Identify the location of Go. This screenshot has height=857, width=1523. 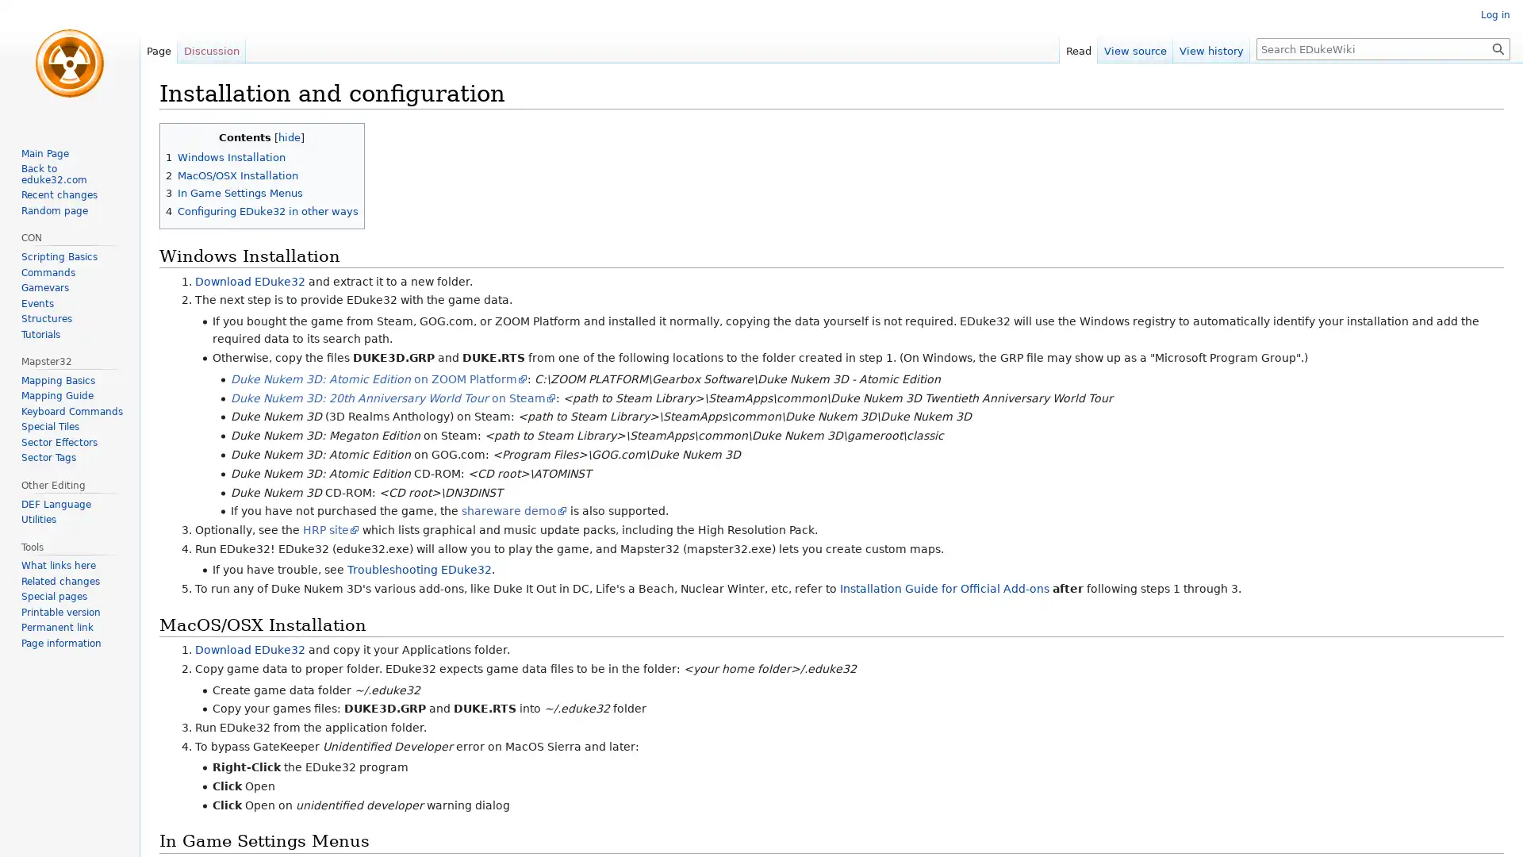
(1498, 48).